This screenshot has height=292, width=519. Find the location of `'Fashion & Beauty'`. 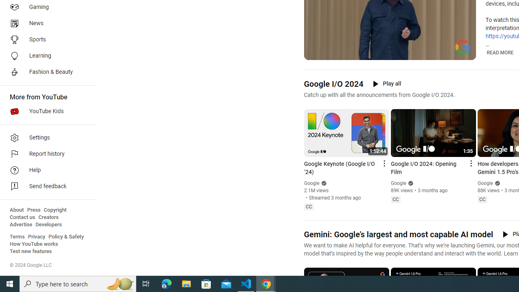

'Fashion & Beauty' is located at coordinates (45, 71).